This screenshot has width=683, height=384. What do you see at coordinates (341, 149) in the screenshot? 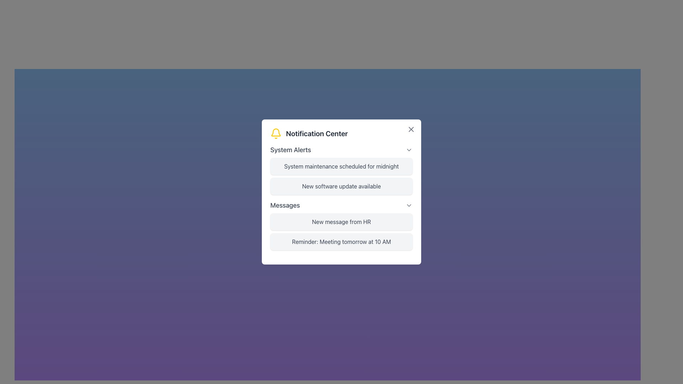
I see `the keyboard` at bounding box center [341, 149].